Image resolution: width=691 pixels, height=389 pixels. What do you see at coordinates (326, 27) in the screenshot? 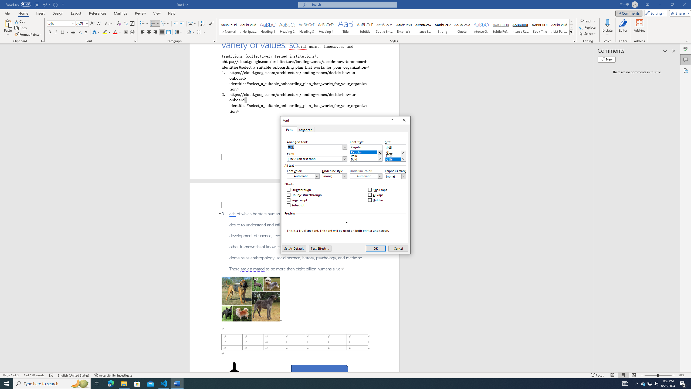
I see `'Heading 4'` at bounding box center [326, 27].